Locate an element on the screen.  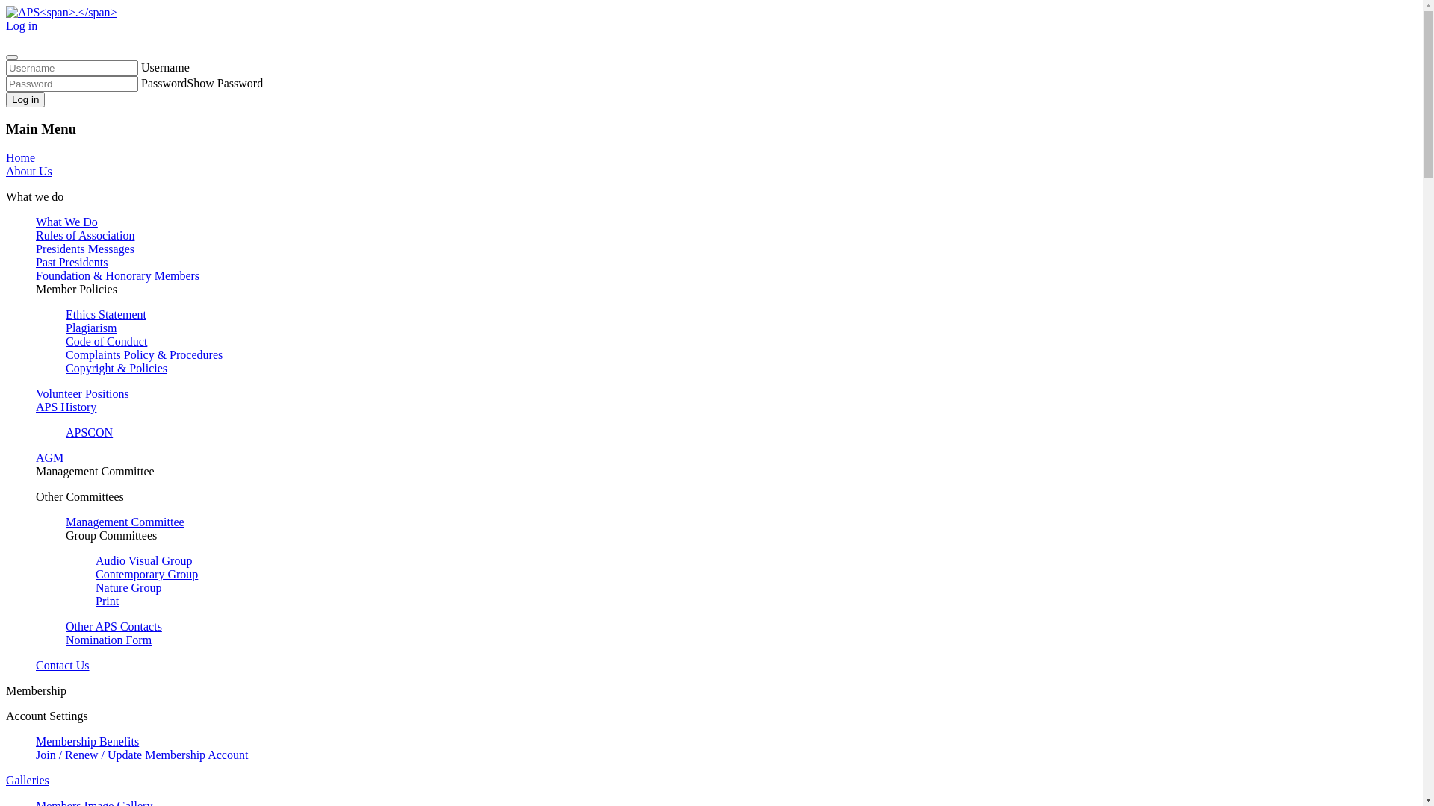
'Plagiarism' is located at coordinates (90, 327).